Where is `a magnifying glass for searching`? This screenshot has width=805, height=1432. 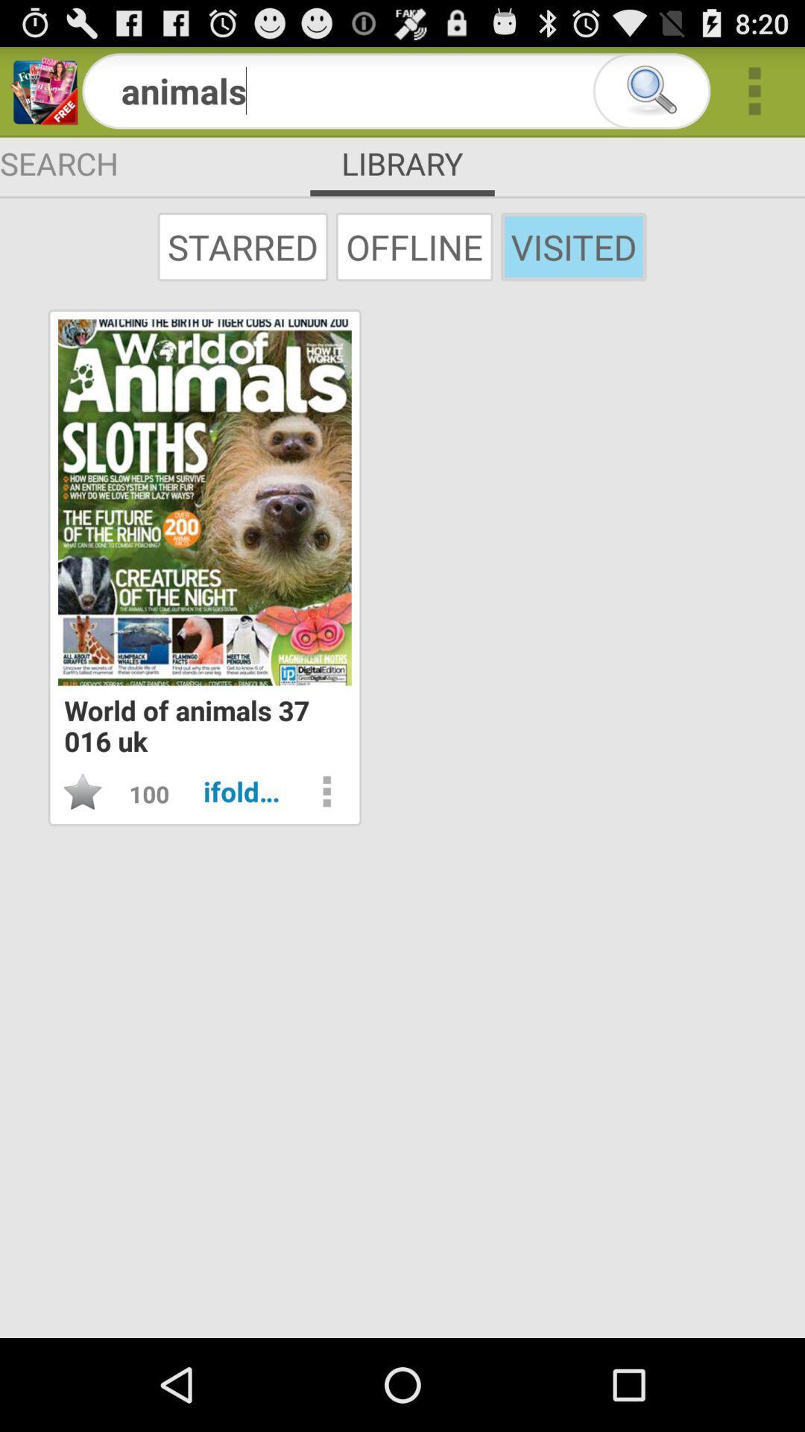
a magnifying glass for searching is located at coordinates (651, 90).